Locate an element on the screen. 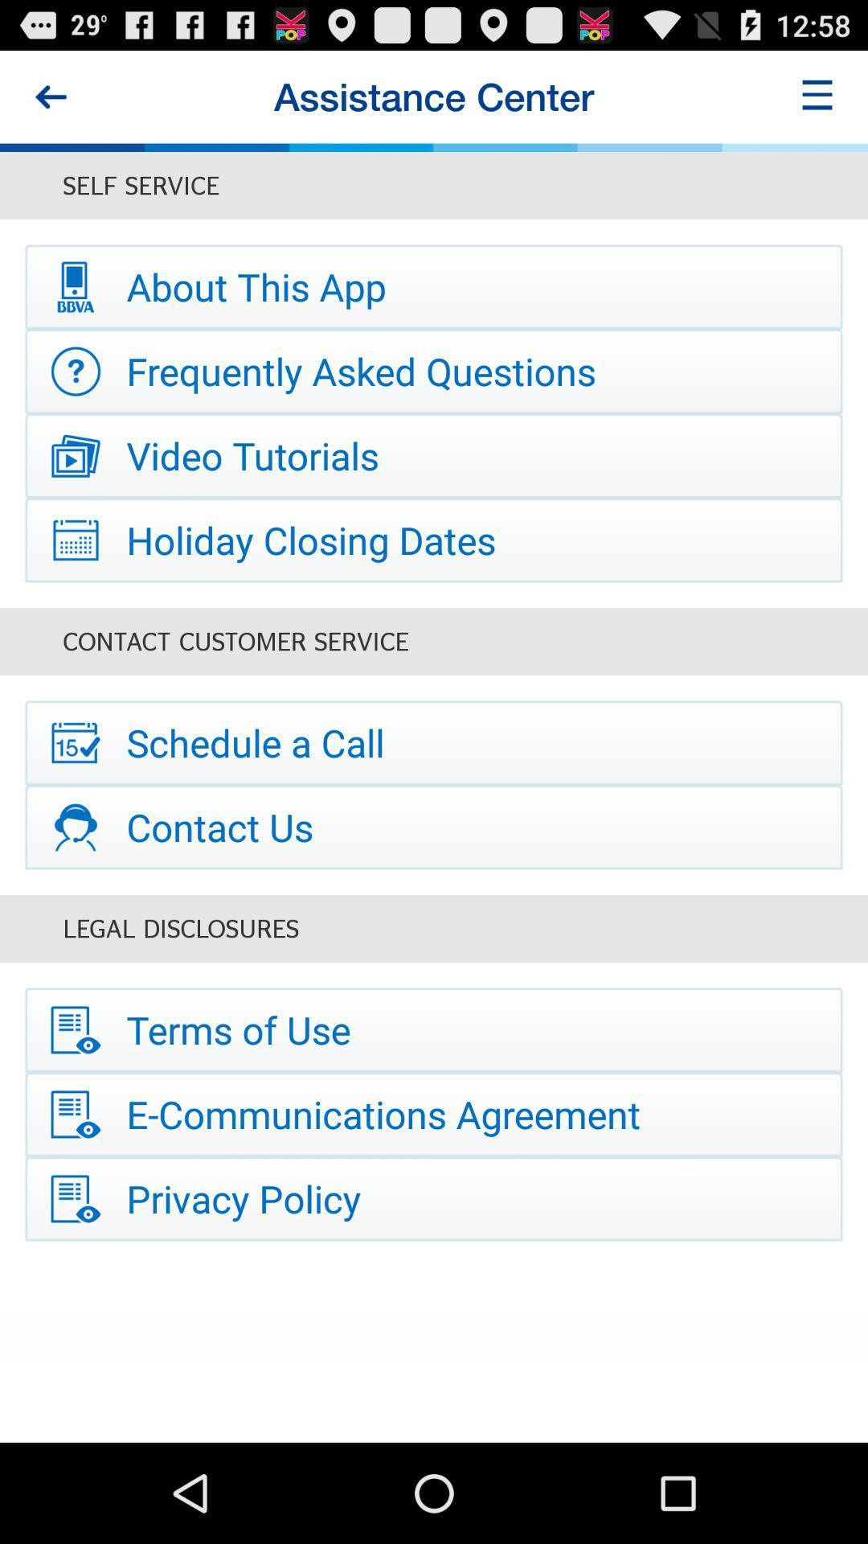 The height and width of the screenshot is (1544, 868). item below the about this app is located at coordinates (434, 370).